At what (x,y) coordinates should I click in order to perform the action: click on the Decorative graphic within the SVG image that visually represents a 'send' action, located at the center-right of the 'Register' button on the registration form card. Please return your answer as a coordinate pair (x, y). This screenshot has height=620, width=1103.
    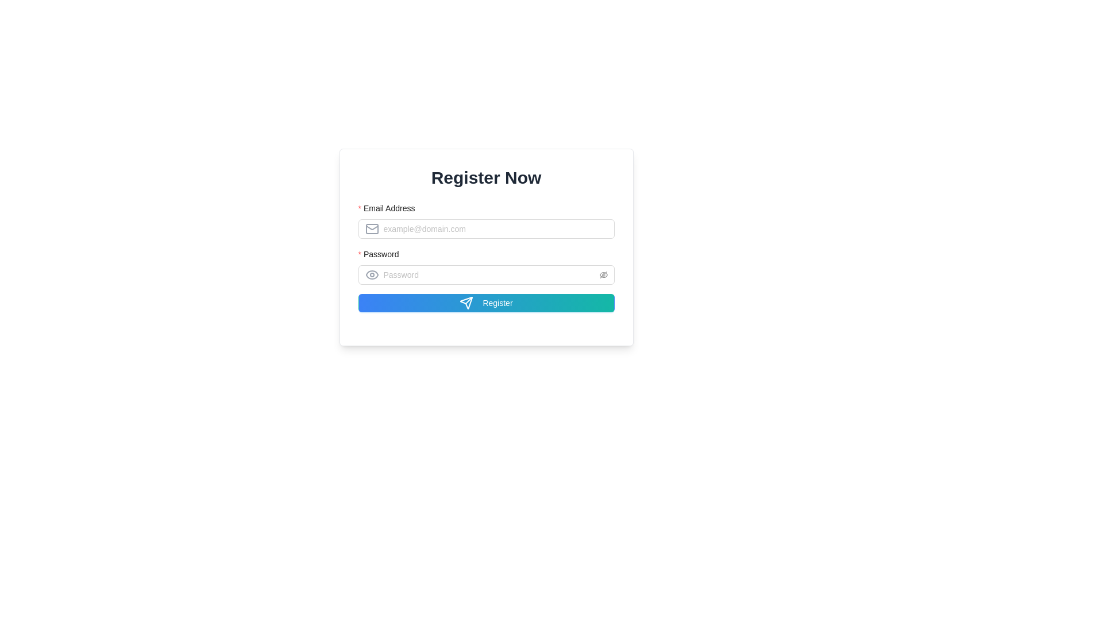
    Looking at the image, I should click on (466, 303).